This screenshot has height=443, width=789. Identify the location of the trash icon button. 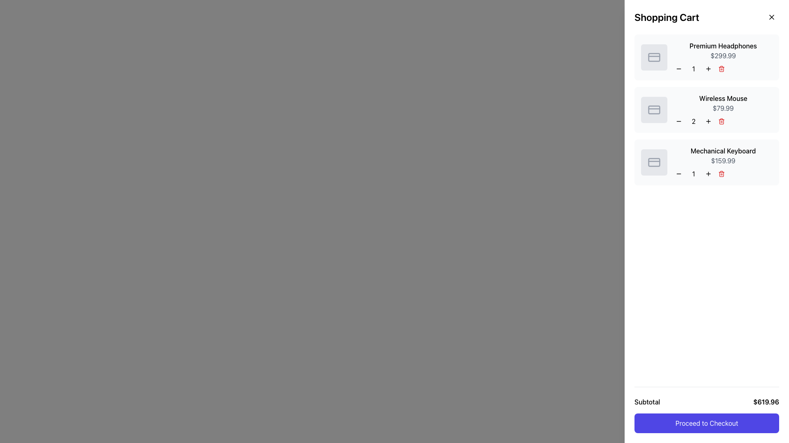
(723, 174).